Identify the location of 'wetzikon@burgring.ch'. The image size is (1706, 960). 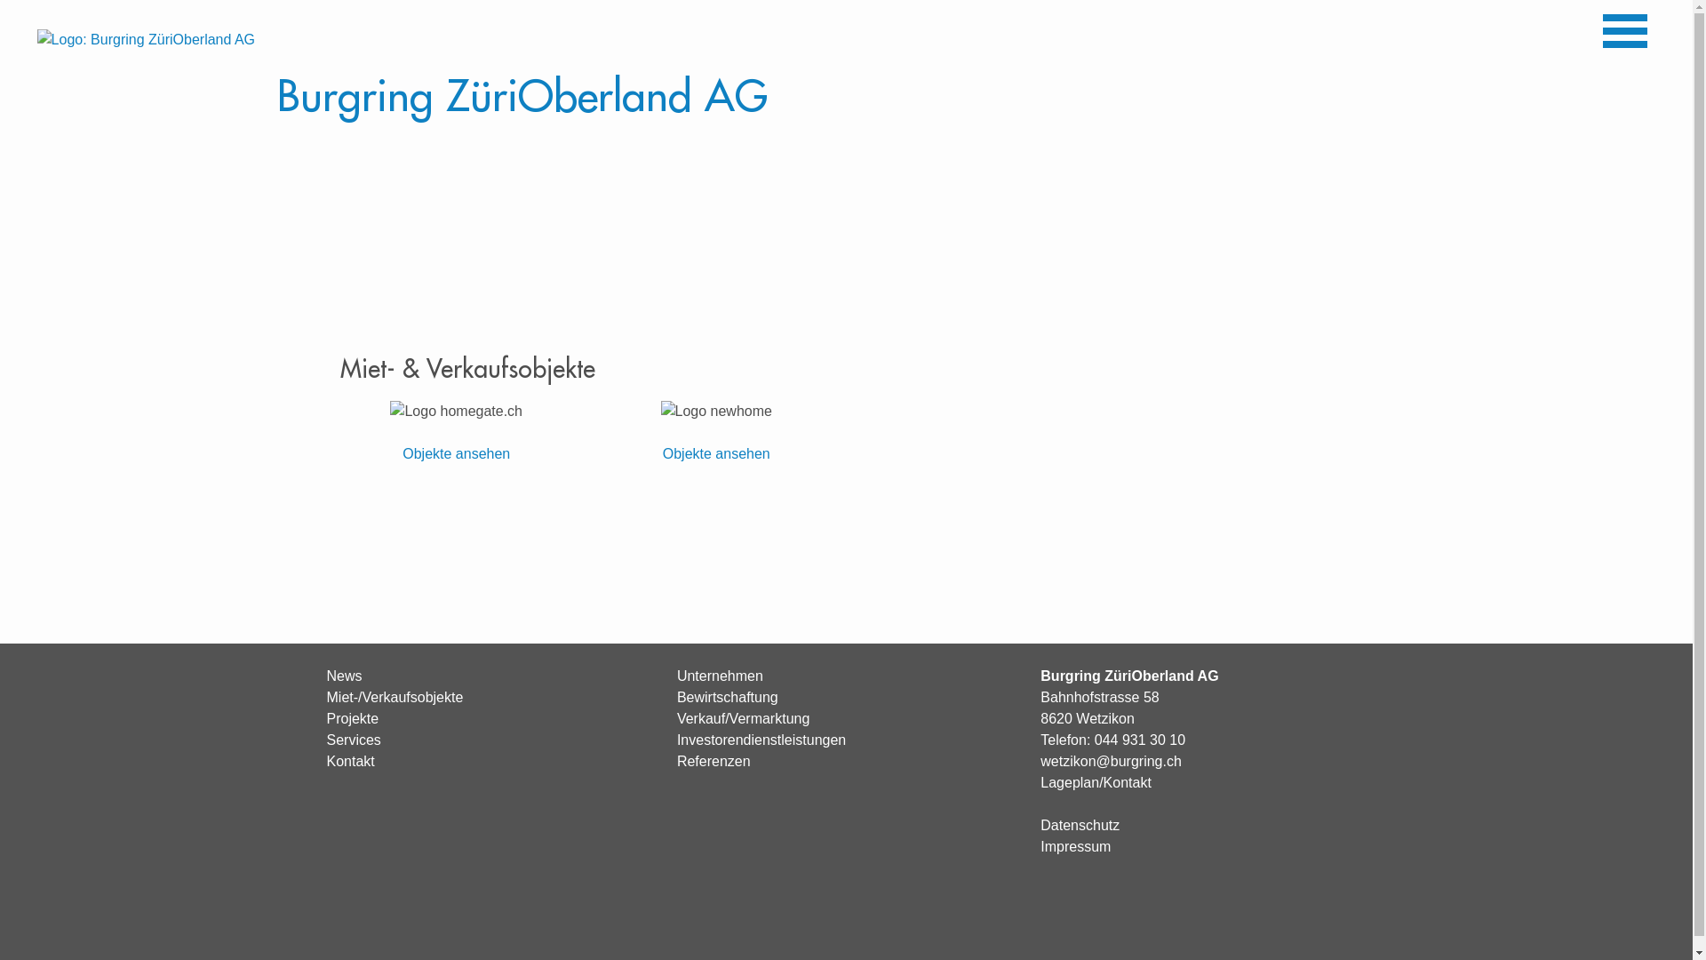
(1110, 760).